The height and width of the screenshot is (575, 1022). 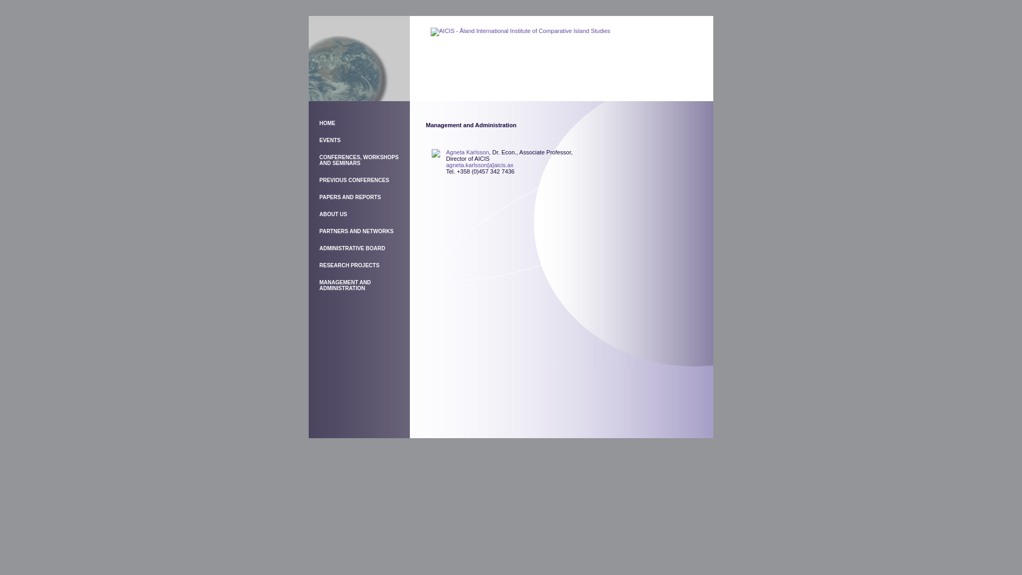 What do you see at coordinates (479, 165) in the screenshot?
I see `'agneta.karlsson[a]aicis.ax'` at bounding box center [479, 165].